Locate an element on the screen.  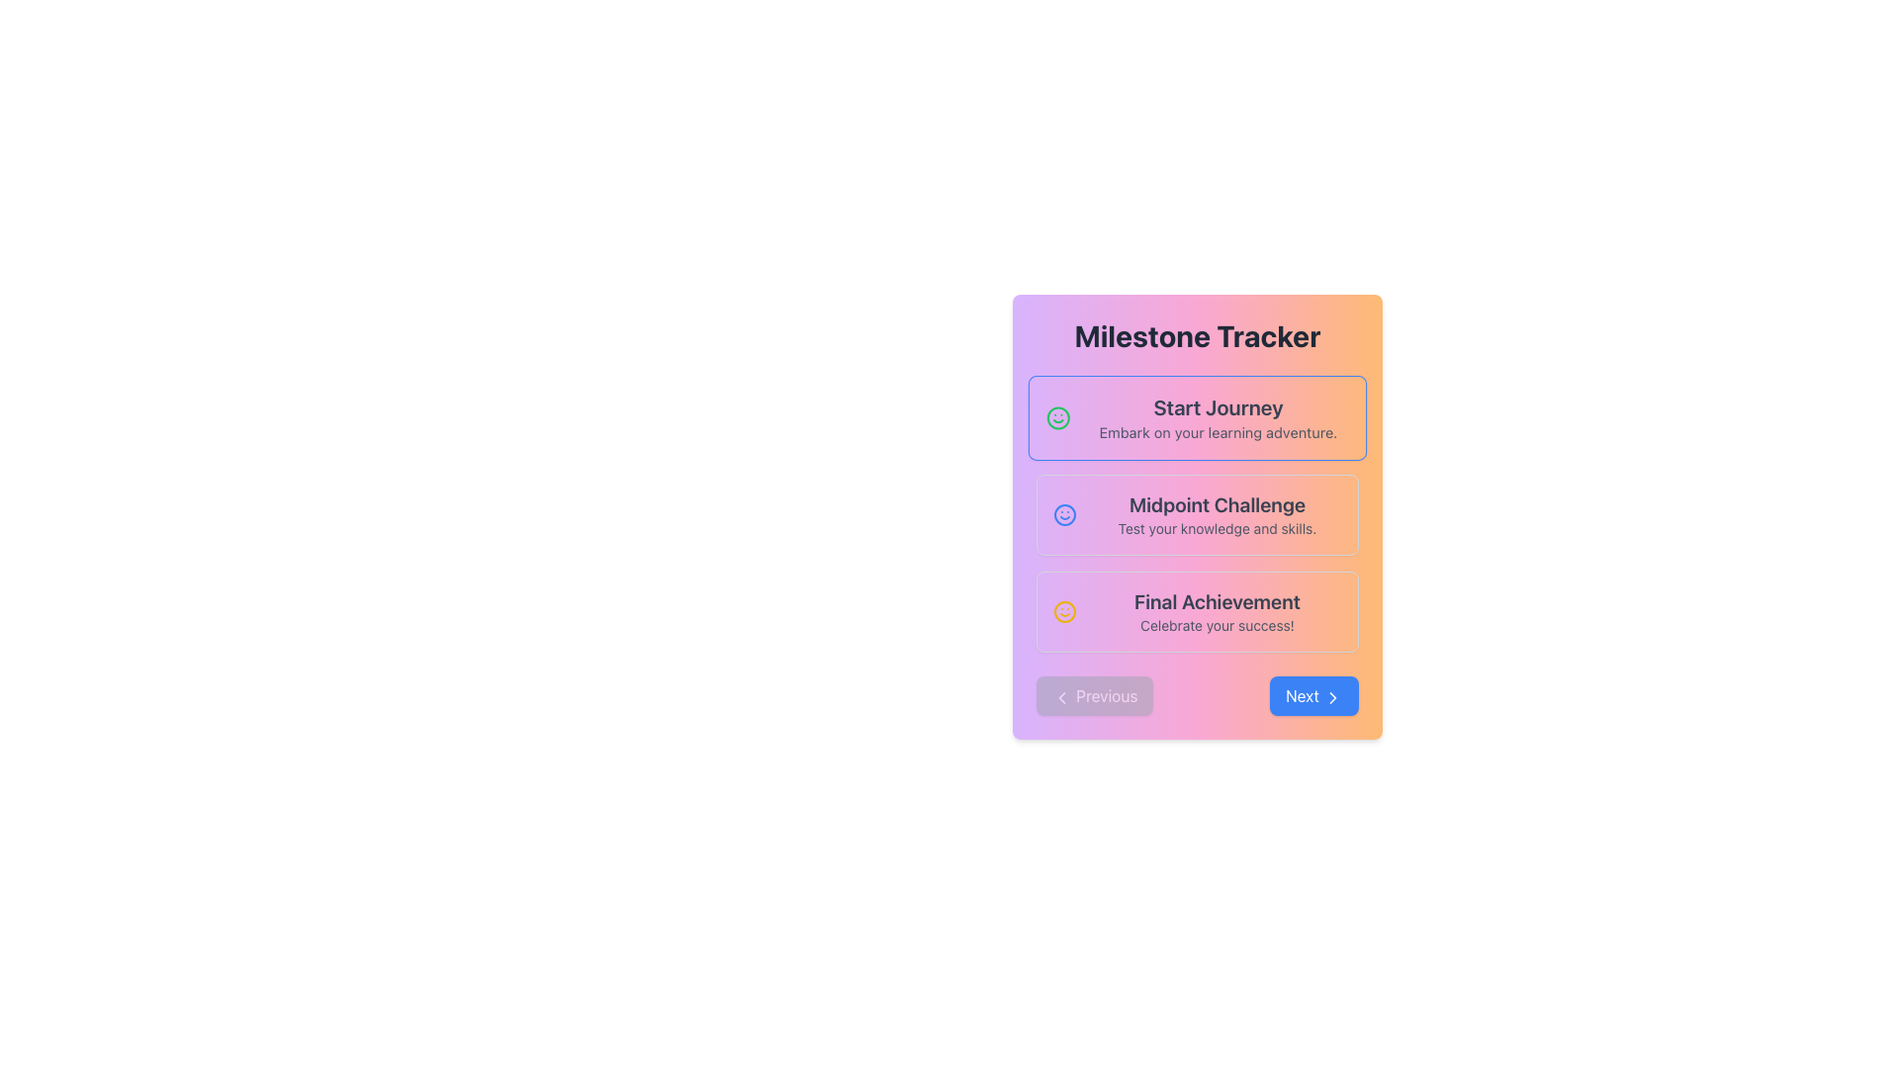
the Circle element in the SVG graphic that is part of the smiley icon, located at the center of the 'Start Journey' component in the milestone tracker interface is located at coordinates (1063, 513).